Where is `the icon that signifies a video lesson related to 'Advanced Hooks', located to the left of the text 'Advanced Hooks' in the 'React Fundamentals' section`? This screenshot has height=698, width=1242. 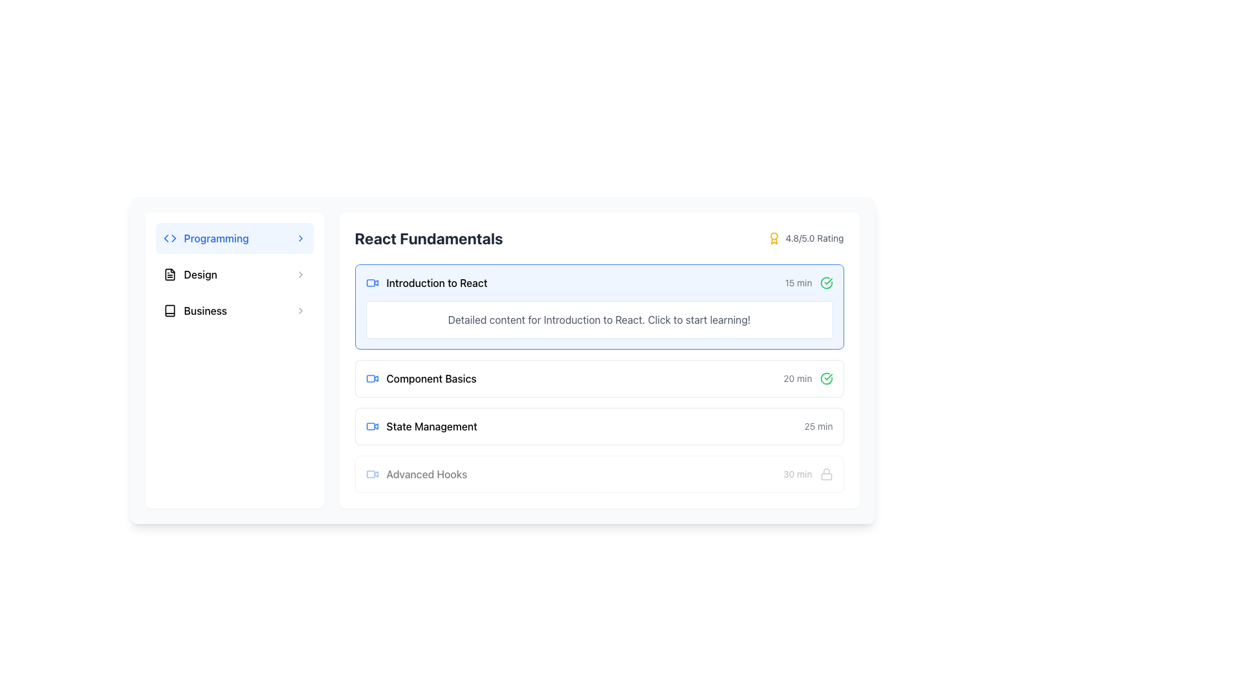 the icon that signifies a video lesson related to 'Advanced Hooks', located to the left of the text 'Advanced Hooks' in the 'React Fundamentals' section is located at coordinates (371, 474).